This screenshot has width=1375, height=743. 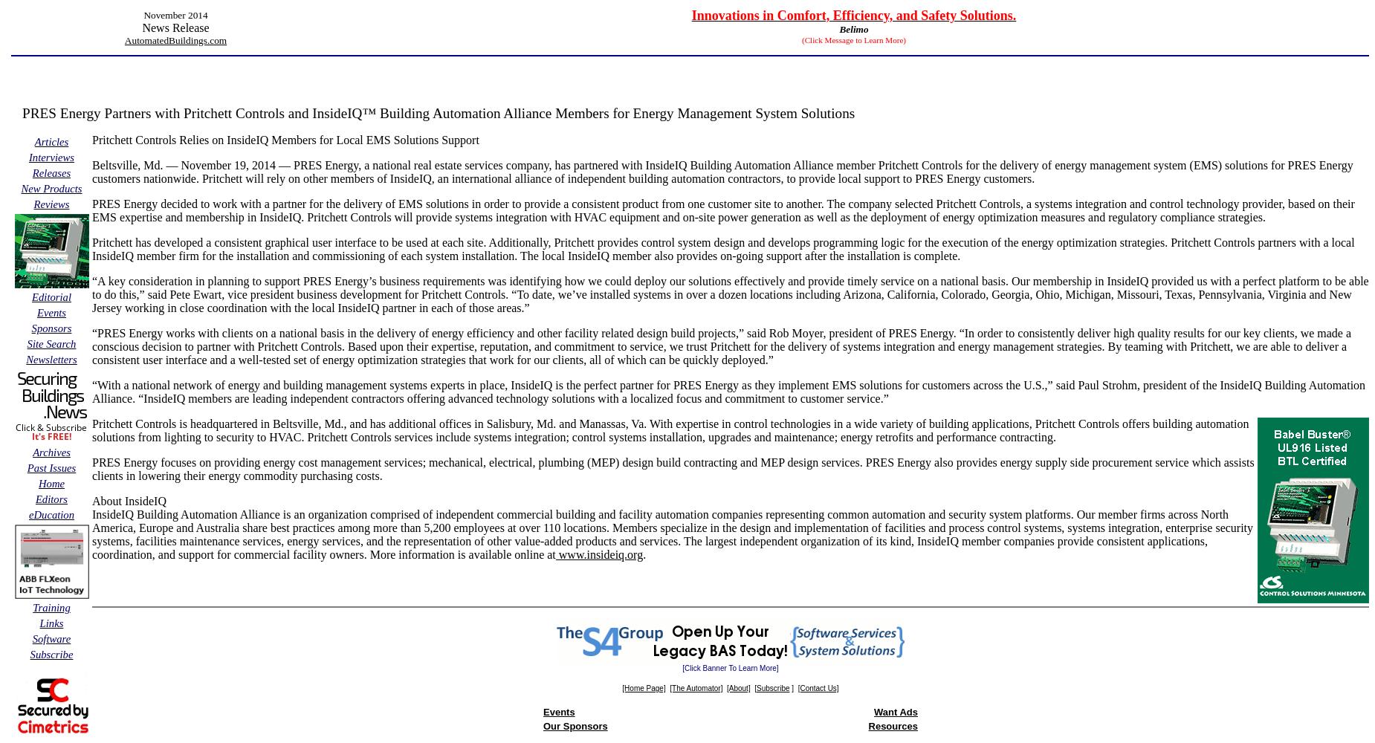 I want to click on 'Pritchett Controls Relies on InsideIQ Members for Local EMS Solutions Support', so click(x=91, y=140).